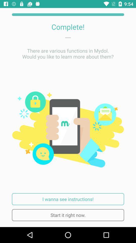 This screenshot has width=136, height=243. Describe the element at coordinates (68, 199) in the screenshot. I see `i wanna see` at that location.